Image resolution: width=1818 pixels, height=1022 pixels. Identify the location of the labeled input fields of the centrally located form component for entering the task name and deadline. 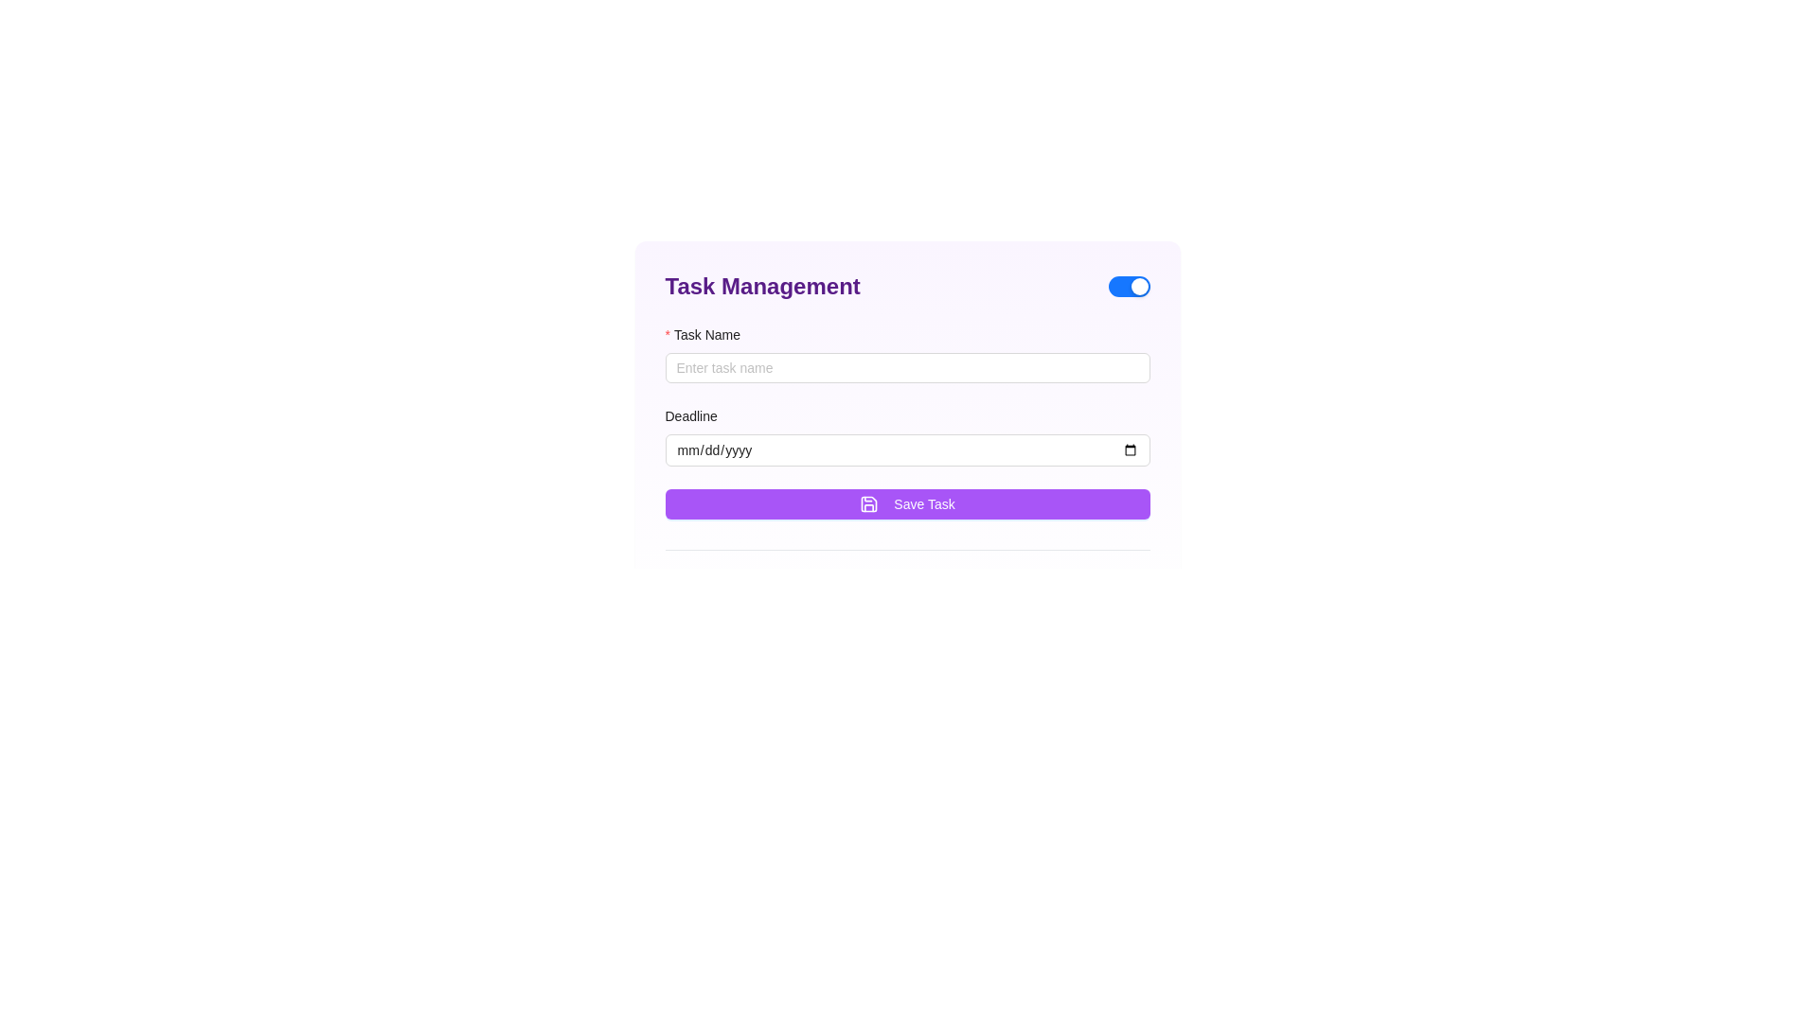
(906, 421).